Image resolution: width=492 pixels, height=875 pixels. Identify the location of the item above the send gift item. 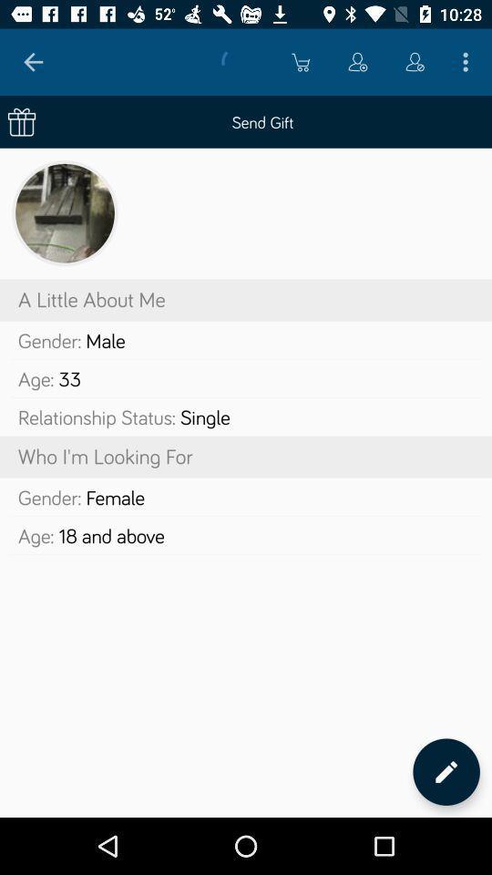
(33, 62).